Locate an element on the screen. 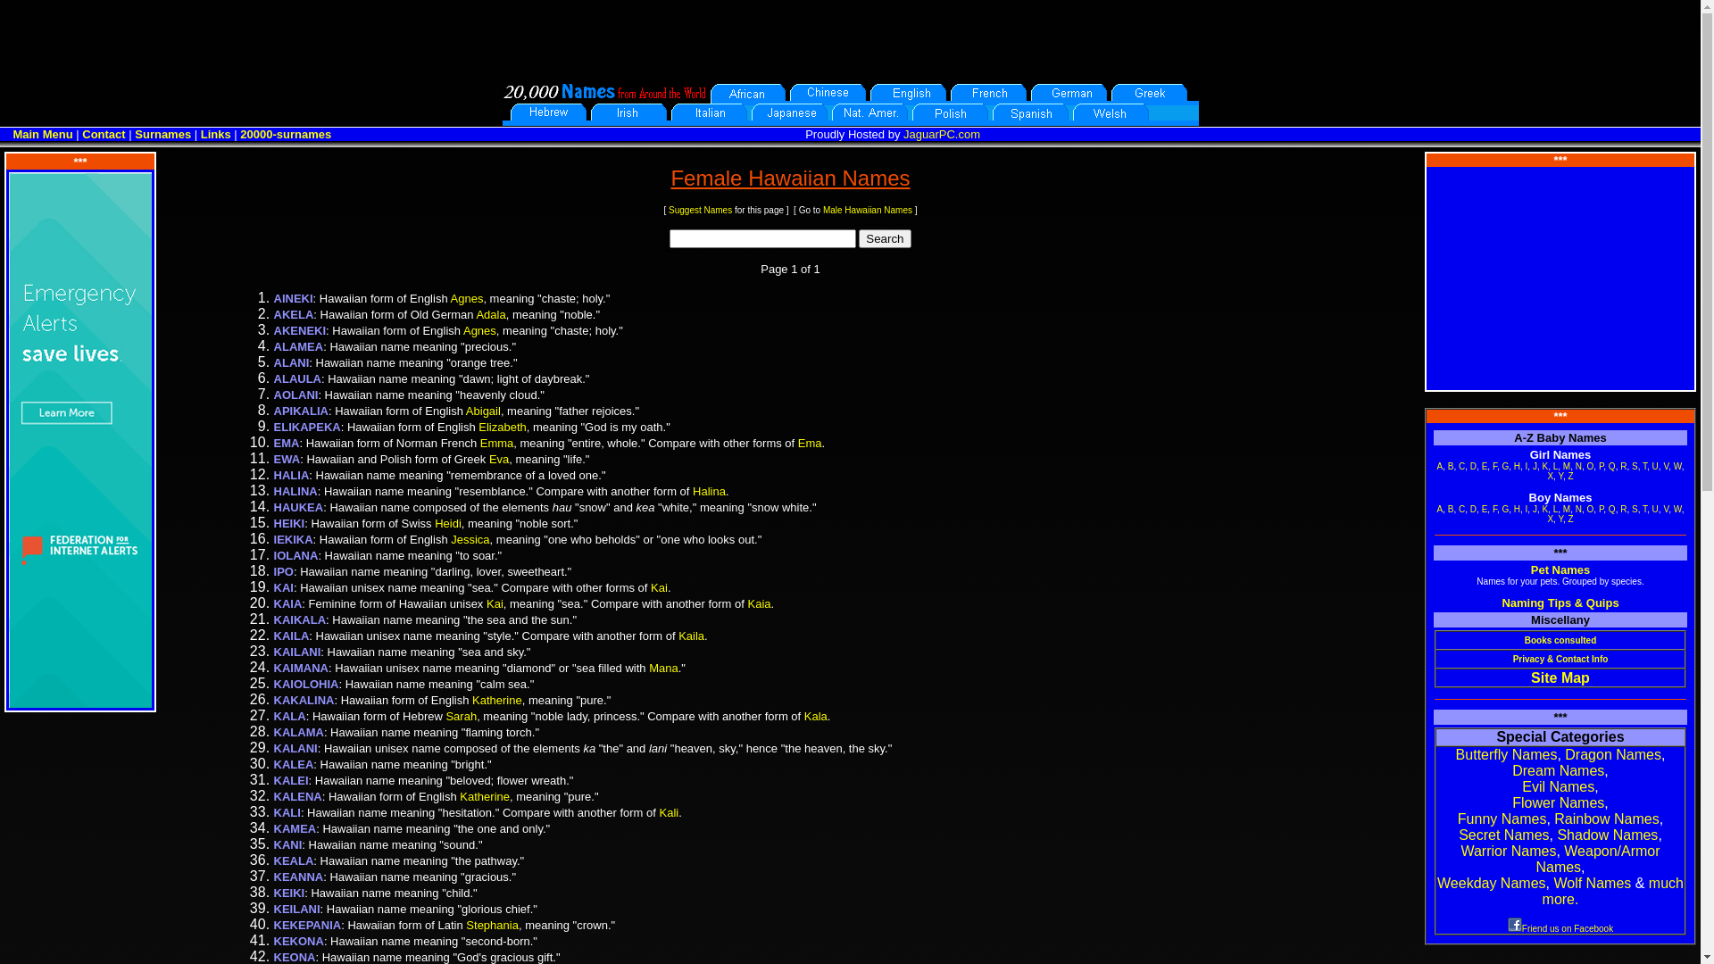 Image resolution: width=1714 pixels, height=964 pixels. 'X' is located at coordinates (1549, 519).